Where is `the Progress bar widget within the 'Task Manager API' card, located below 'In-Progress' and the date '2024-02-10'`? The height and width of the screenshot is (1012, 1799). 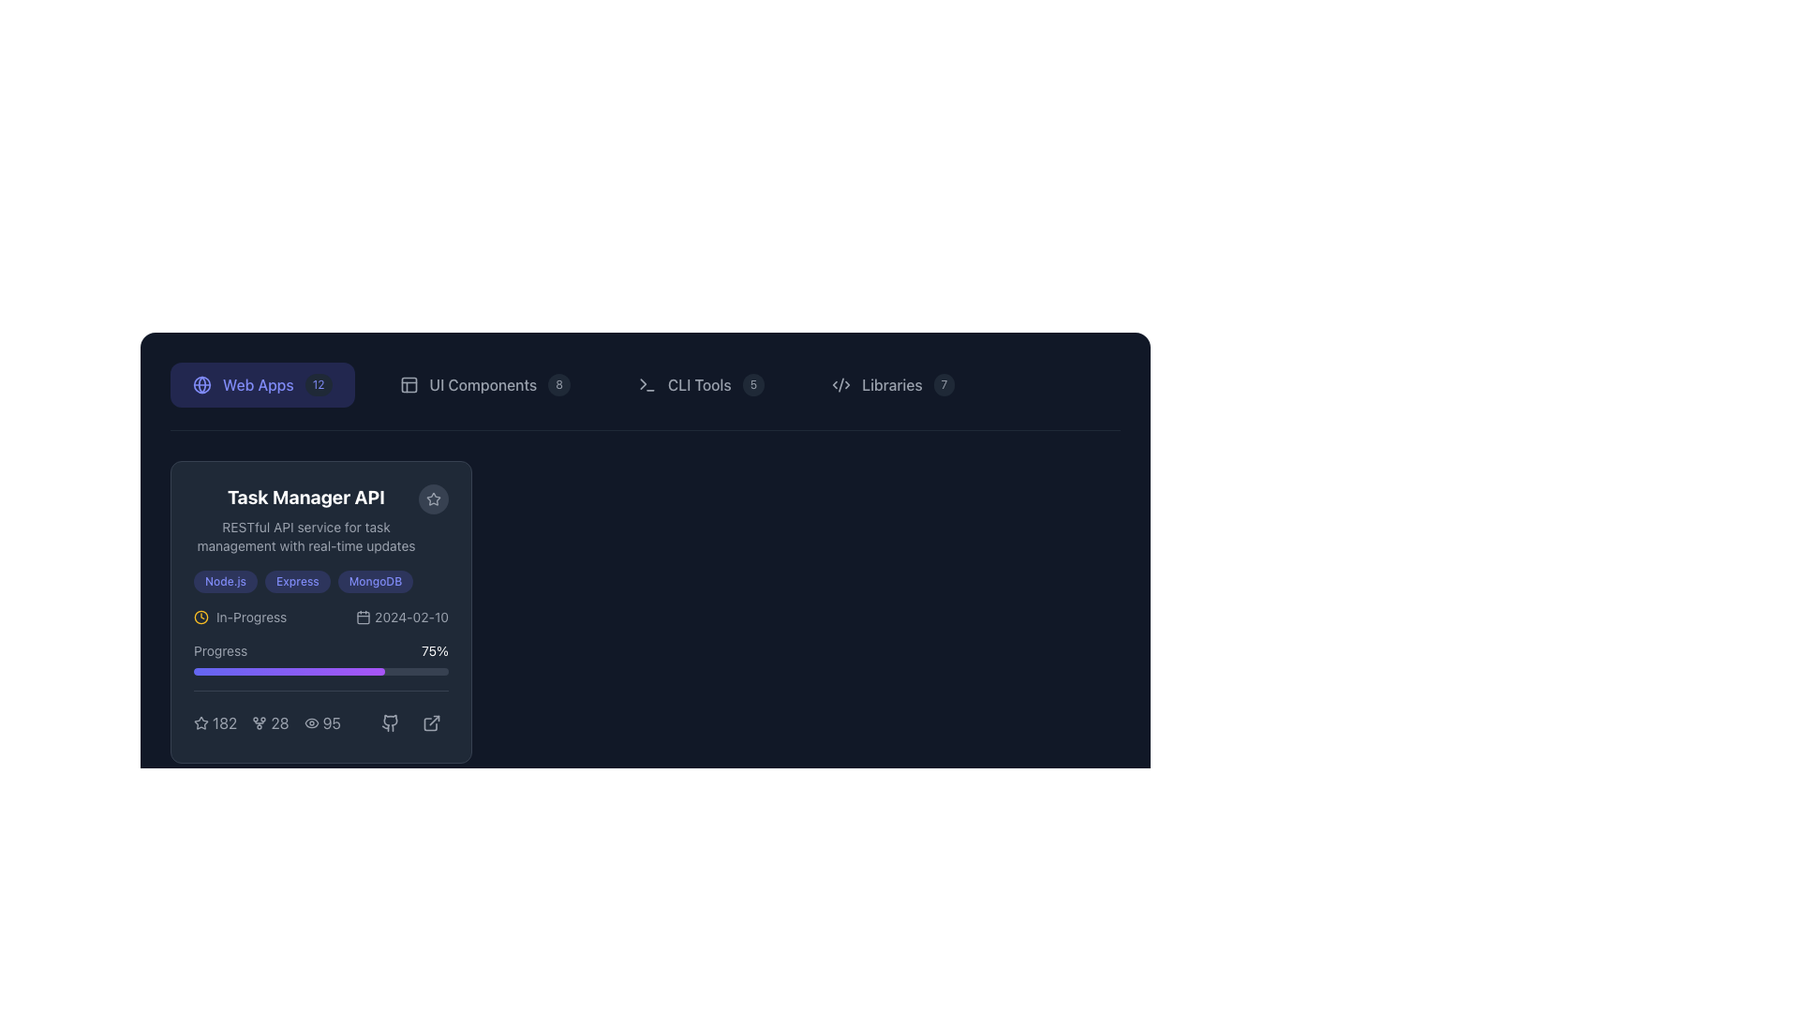 the Progress bar widget within the 'Task Manager API' card, located below 'In-Progress' and the date '2024-02-10' is located at coordinates (320, 657).